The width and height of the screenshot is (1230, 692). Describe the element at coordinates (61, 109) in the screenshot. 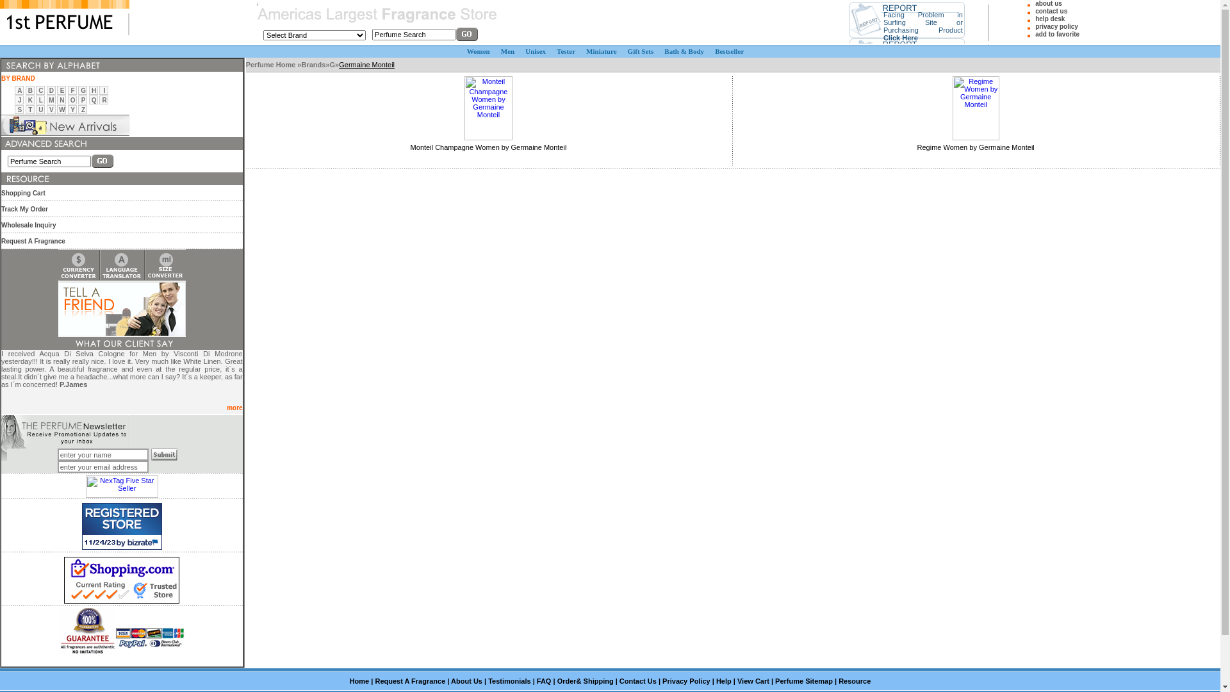

I see `'W'` at that location.